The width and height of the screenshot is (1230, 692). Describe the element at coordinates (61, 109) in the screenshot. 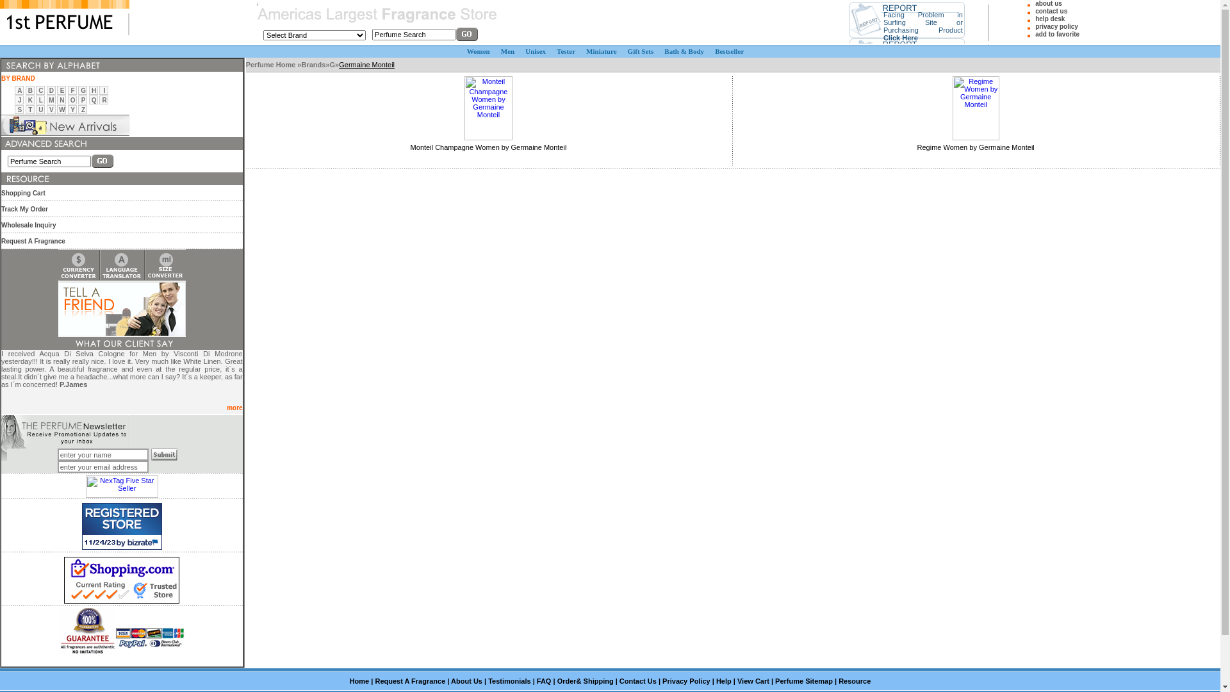

I see `'W'` at that location.